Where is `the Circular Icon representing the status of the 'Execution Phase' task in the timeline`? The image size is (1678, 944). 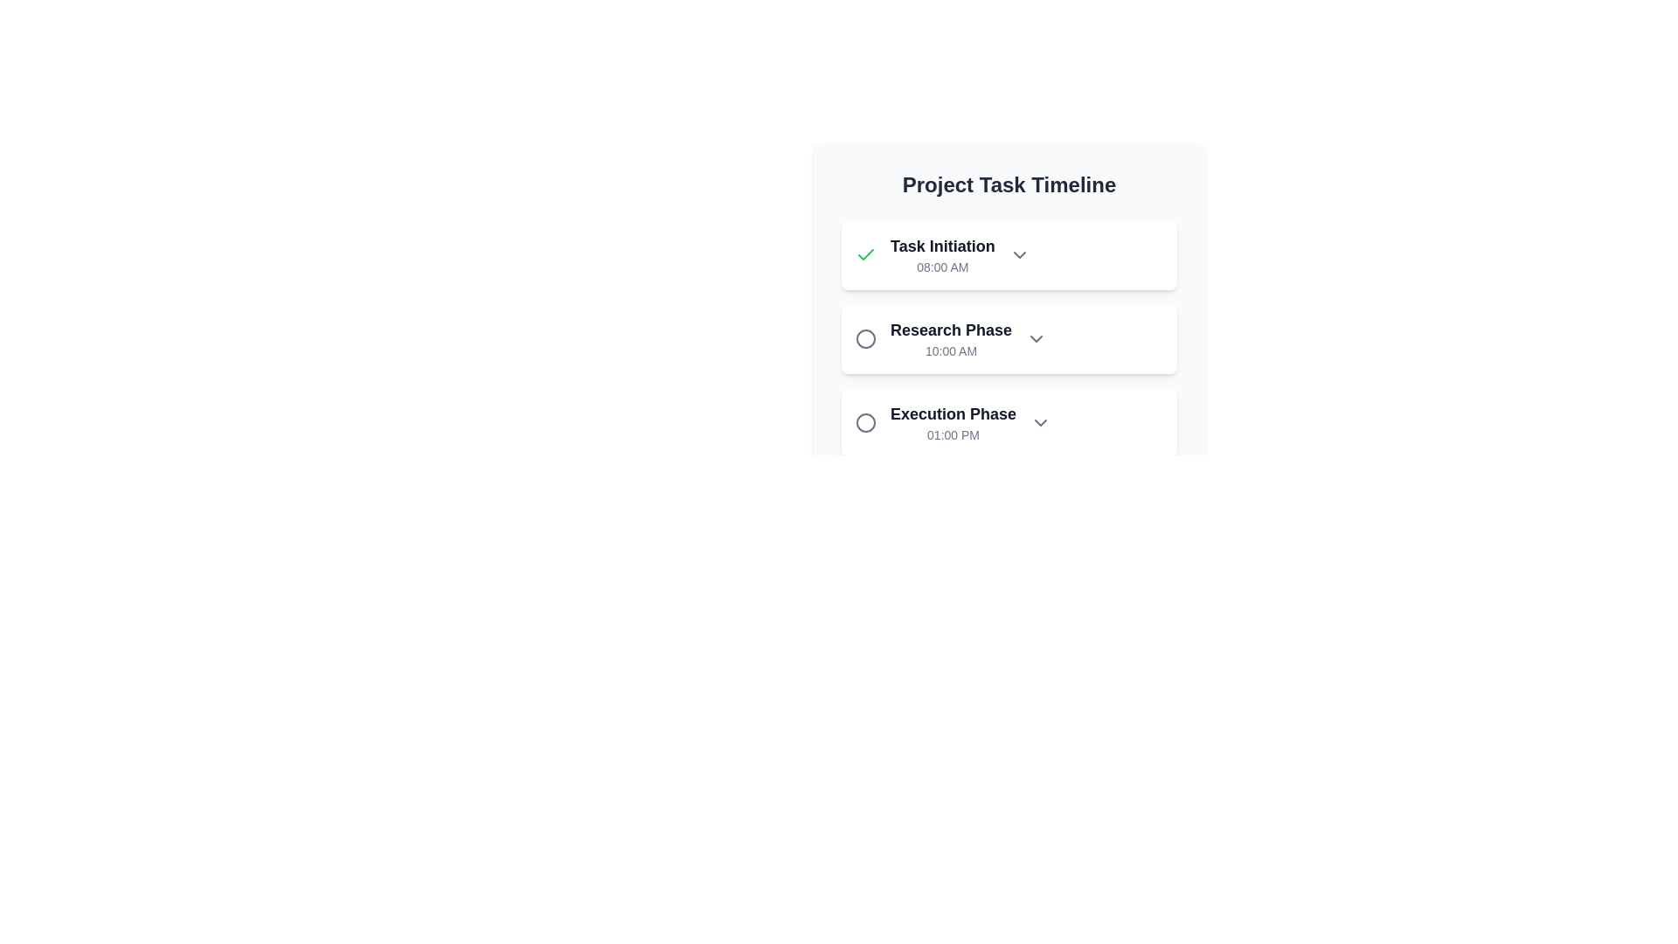
the Circular Icon representing the status of the 'Execution Phase' task in the timeline is located at coordinates (865, 422).